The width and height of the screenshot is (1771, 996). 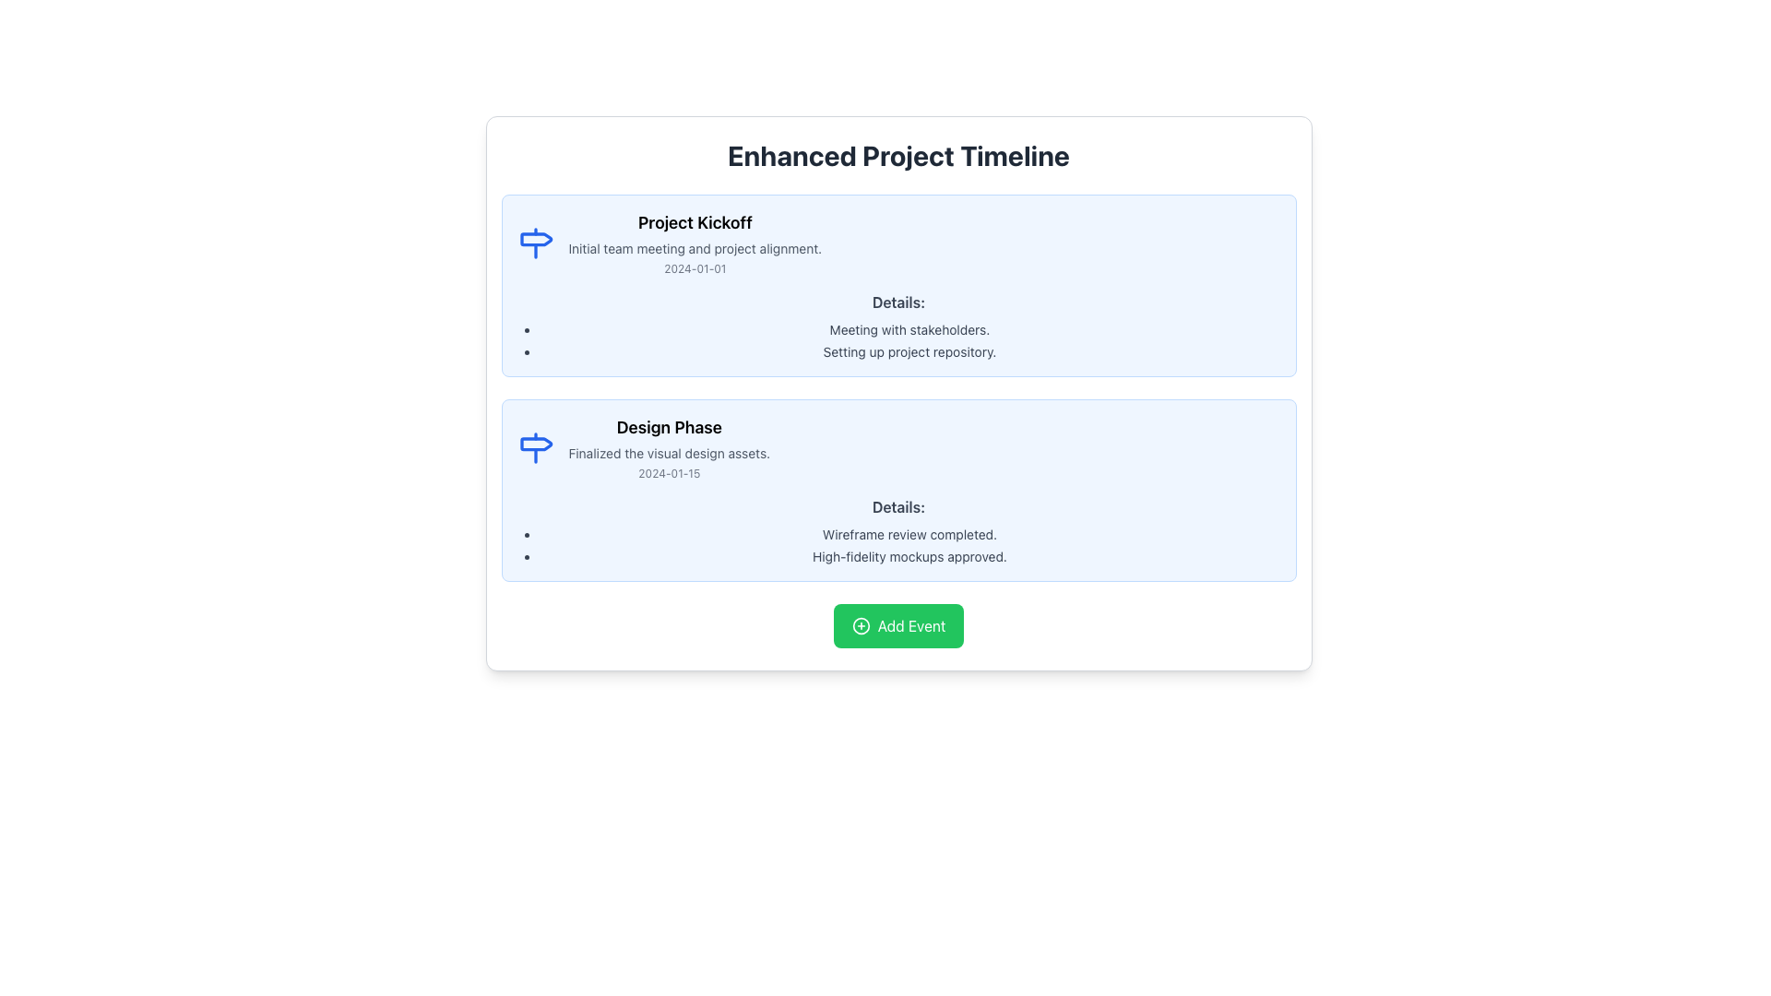 I want to click on the circular icon with a plus sign in the center, positioned to the left of the 'Add Event' button text, so click(x=860, y=624).